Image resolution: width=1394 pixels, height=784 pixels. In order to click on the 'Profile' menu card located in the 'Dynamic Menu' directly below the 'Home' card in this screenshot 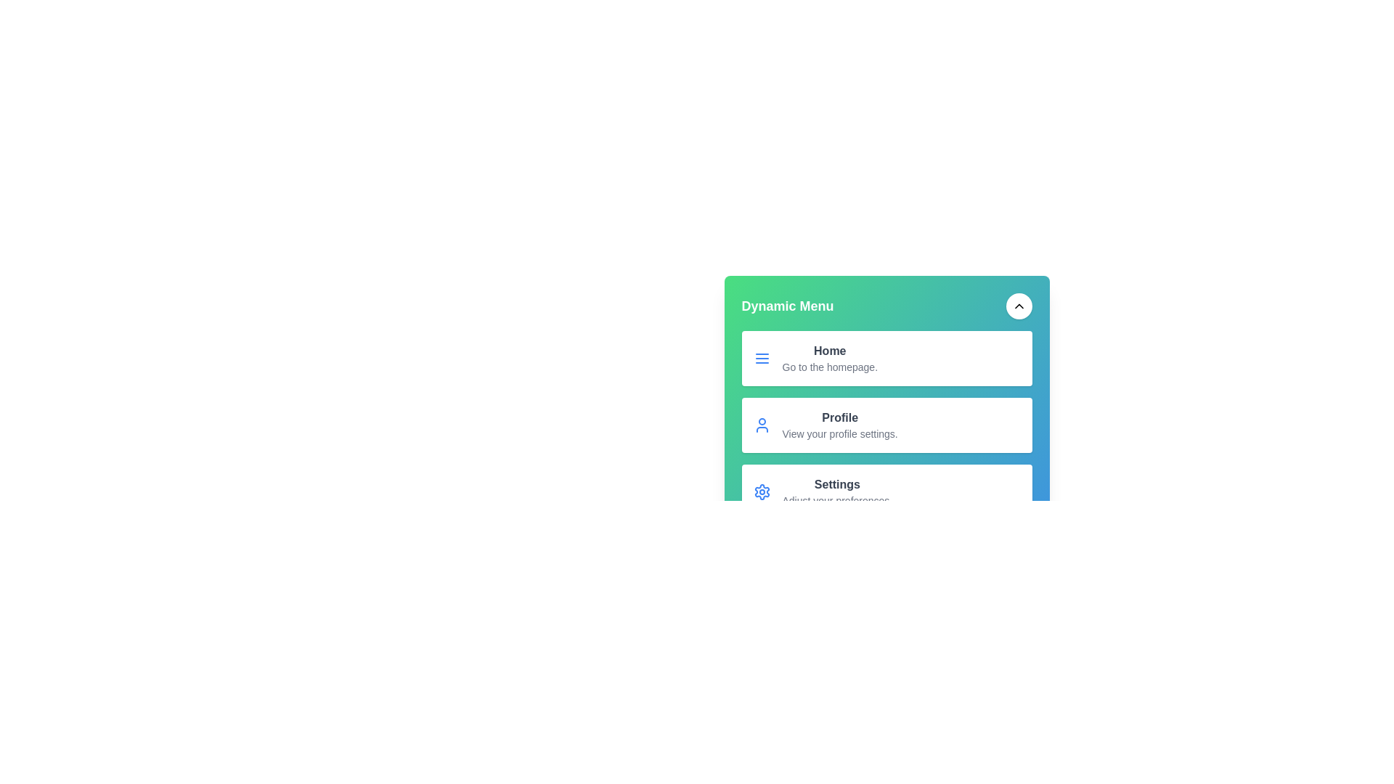, I will do `click(886, 425)`.